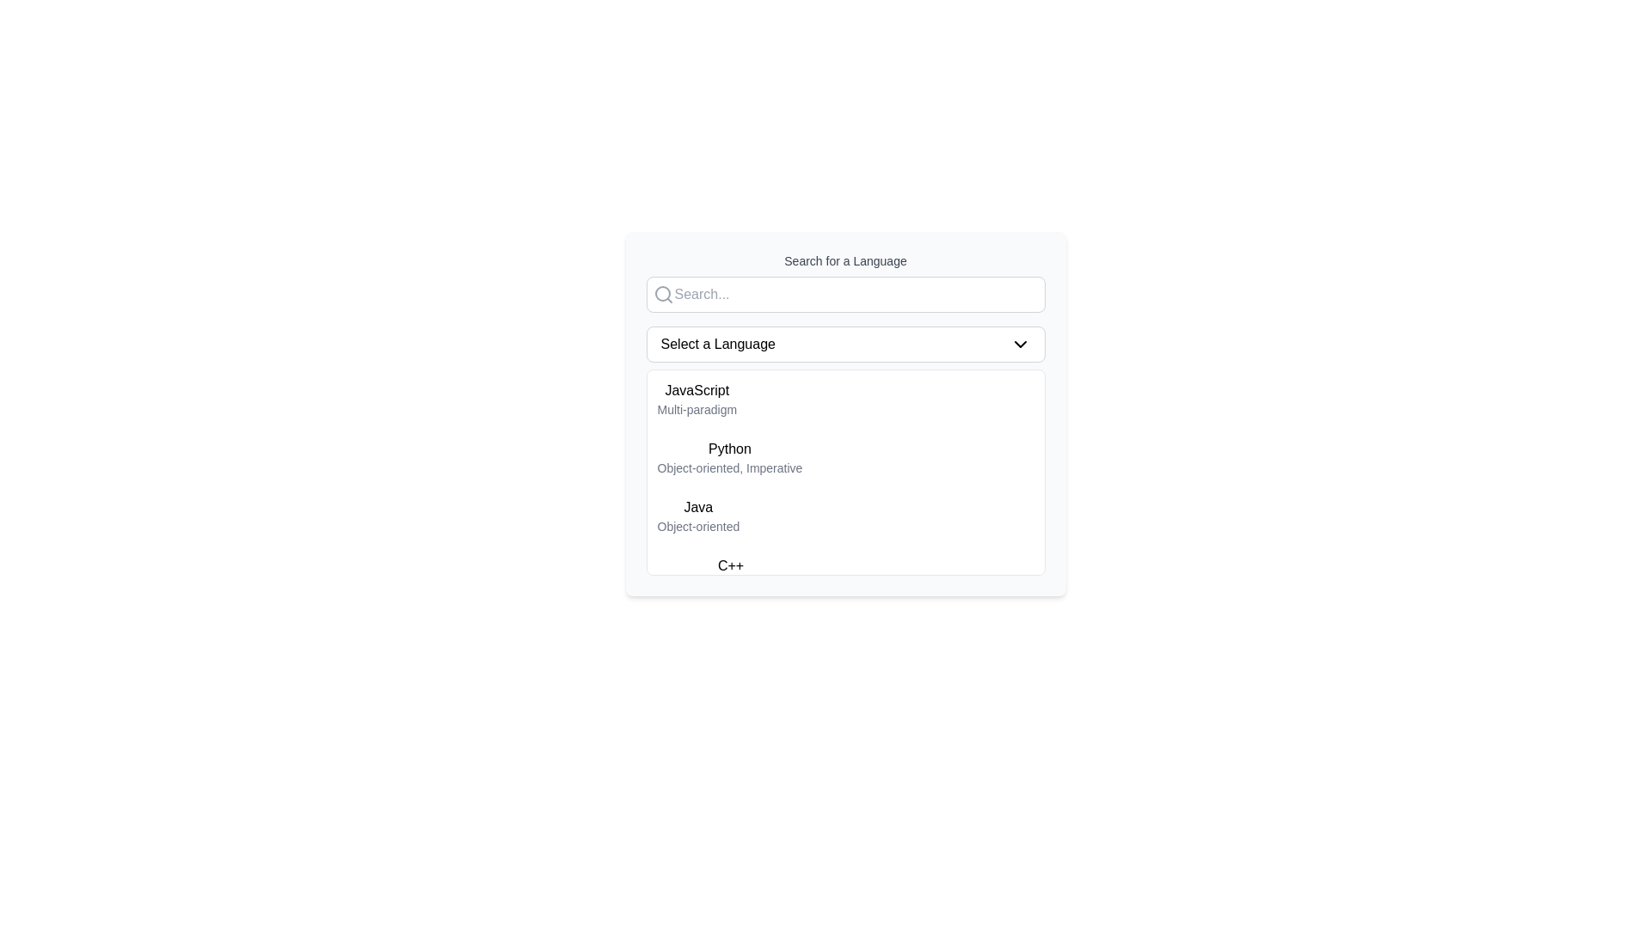  I want to click on the chevron down icon located at the far right of the 'Select a Language' dropdown, so click(1020, 345).